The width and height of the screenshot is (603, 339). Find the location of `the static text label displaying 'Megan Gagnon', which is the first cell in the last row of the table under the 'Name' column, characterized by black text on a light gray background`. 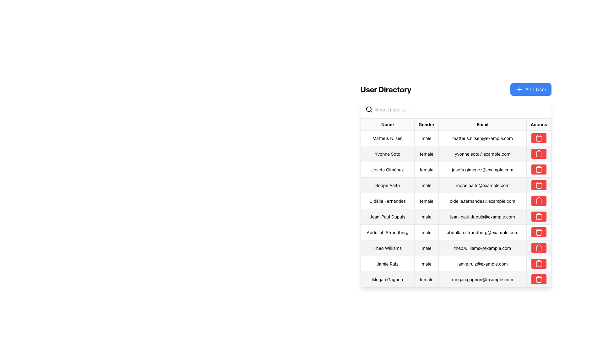

the static text label displaying 'Megan Gagnon', which is the first cell in the last row of the table under the 'Name' column, characterized by black text on a light gray background is located at coordinates (387, 279).